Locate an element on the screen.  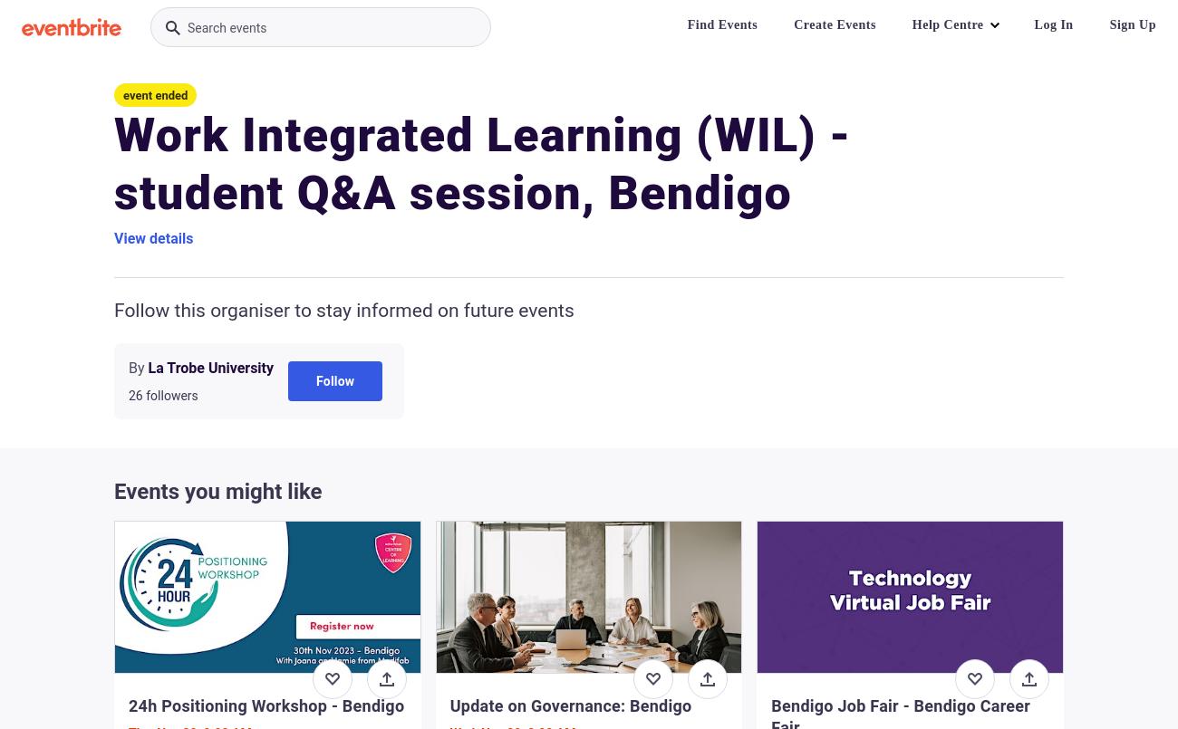
'24h Positioning Workshop - Bendigo' is located at coordinates (266, 705).